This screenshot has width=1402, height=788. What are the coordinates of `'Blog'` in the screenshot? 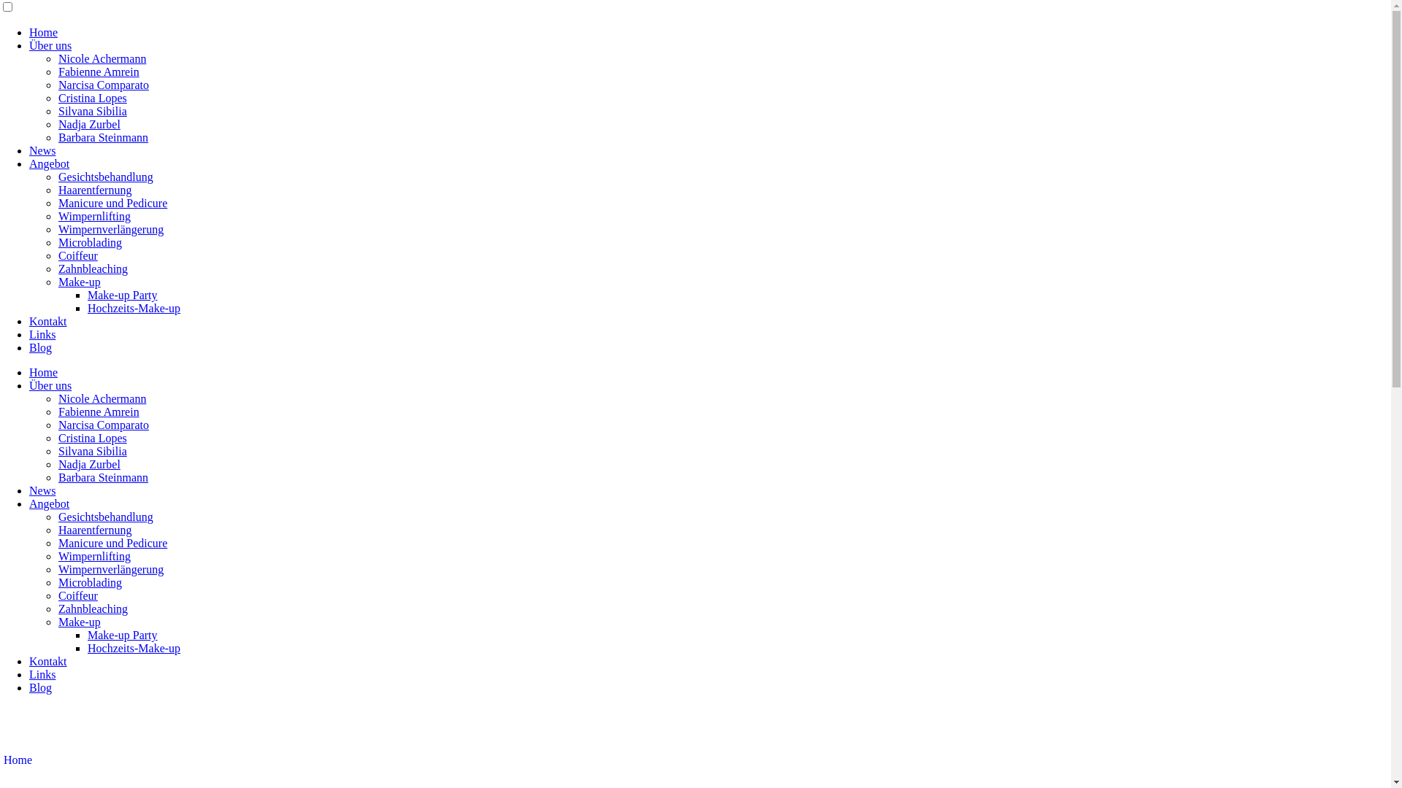 It's located at (40, 687).